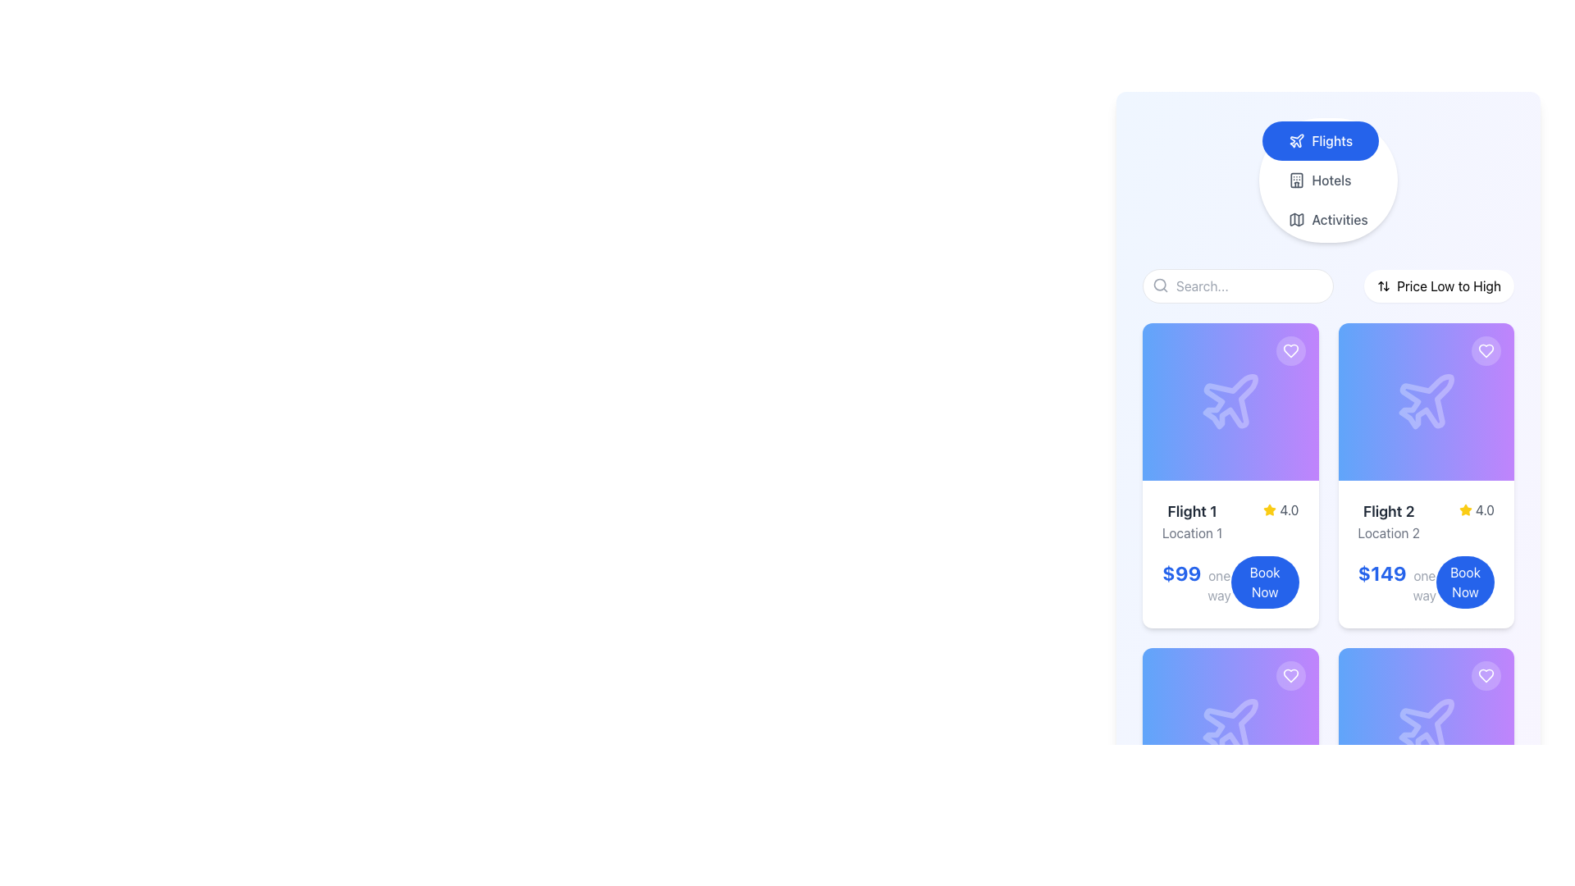 This screenshot has height=886, width=1575. Describe the element at coordinates (1197, 581) in the screenshot. I see `the text display that shows the price '$99' and the description 'one way', which is located within the card component in the first row of the grid layout` at that location.